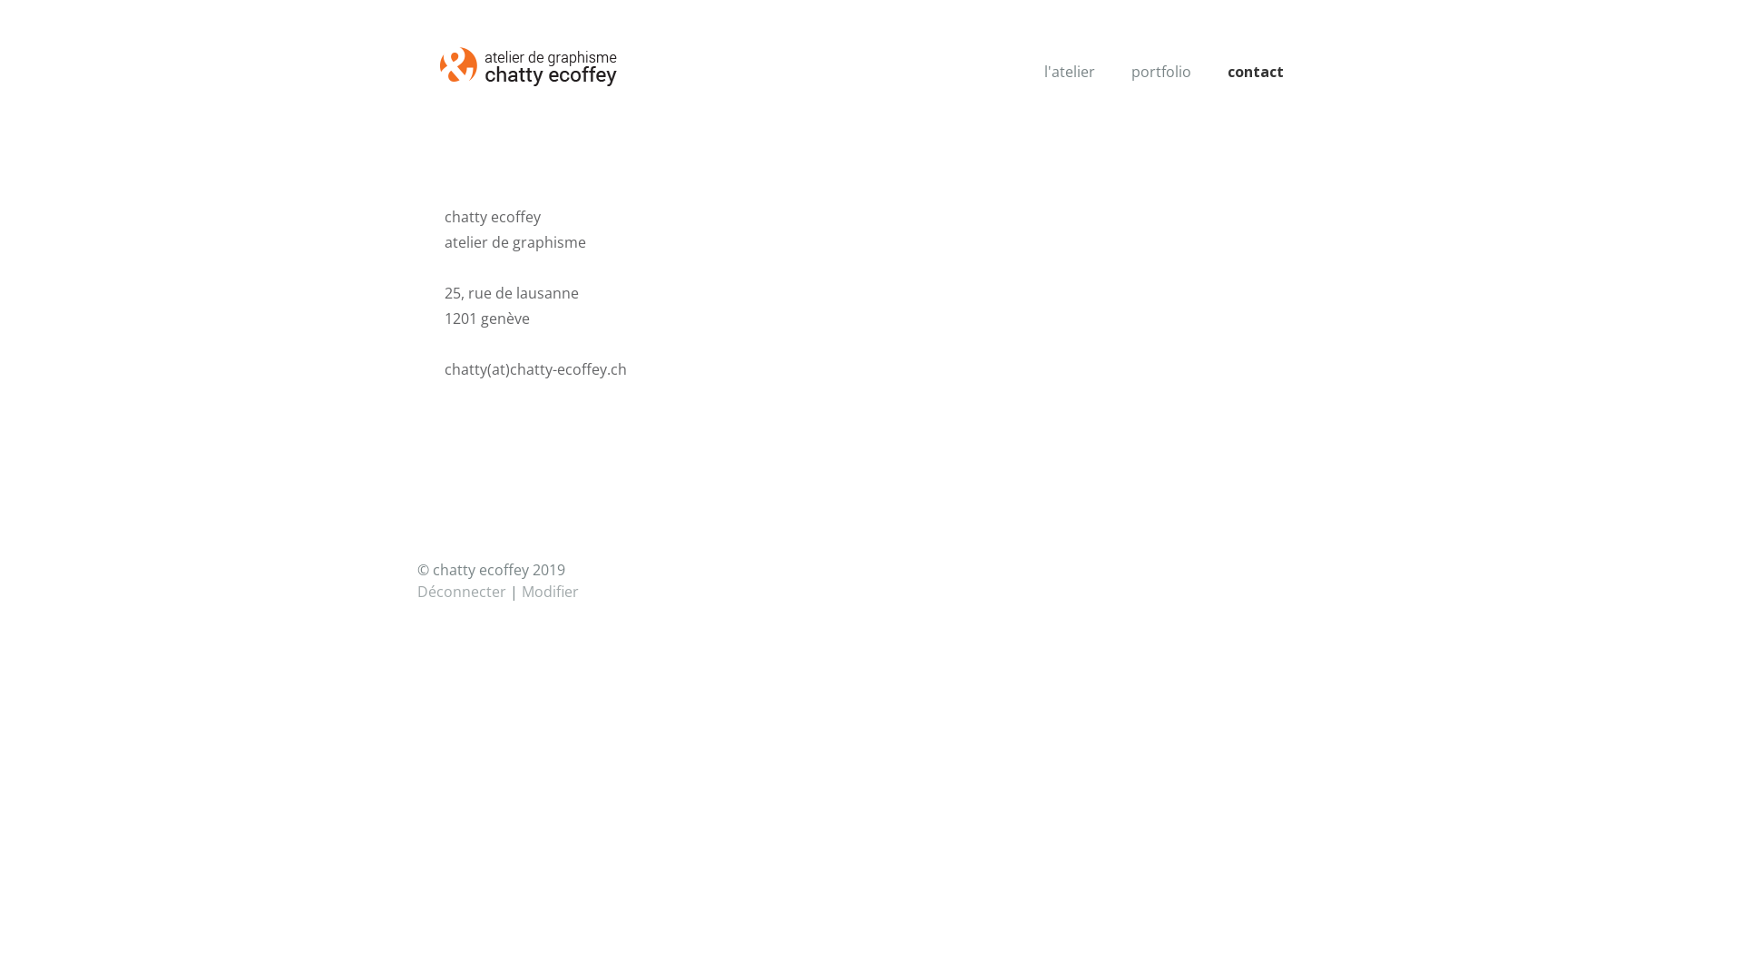 The image size is (1742, 980). What do you see at coordinates (1161, 70) in the screenshot?
I see `'portfolio'` at bounding box center [1161, 70].